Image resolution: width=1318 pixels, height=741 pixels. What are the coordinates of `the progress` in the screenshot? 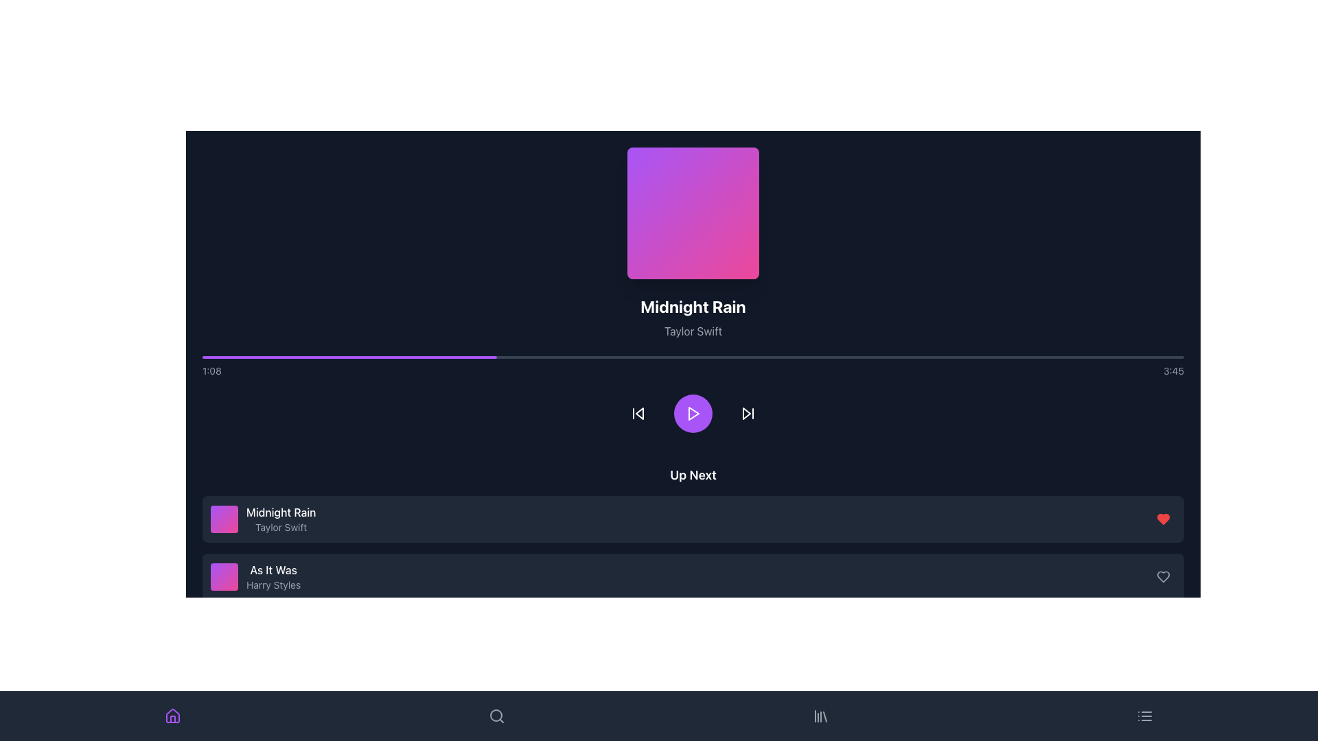 It's located at (1007, 356).